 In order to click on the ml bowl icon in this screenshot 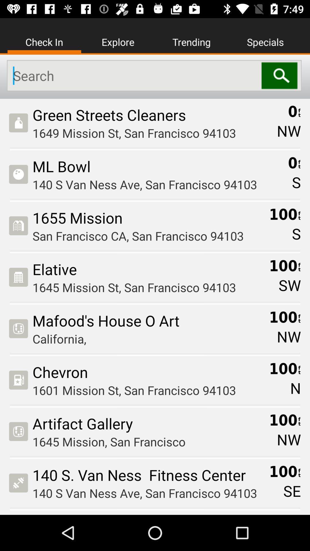, I will do `click(158, 166)`.